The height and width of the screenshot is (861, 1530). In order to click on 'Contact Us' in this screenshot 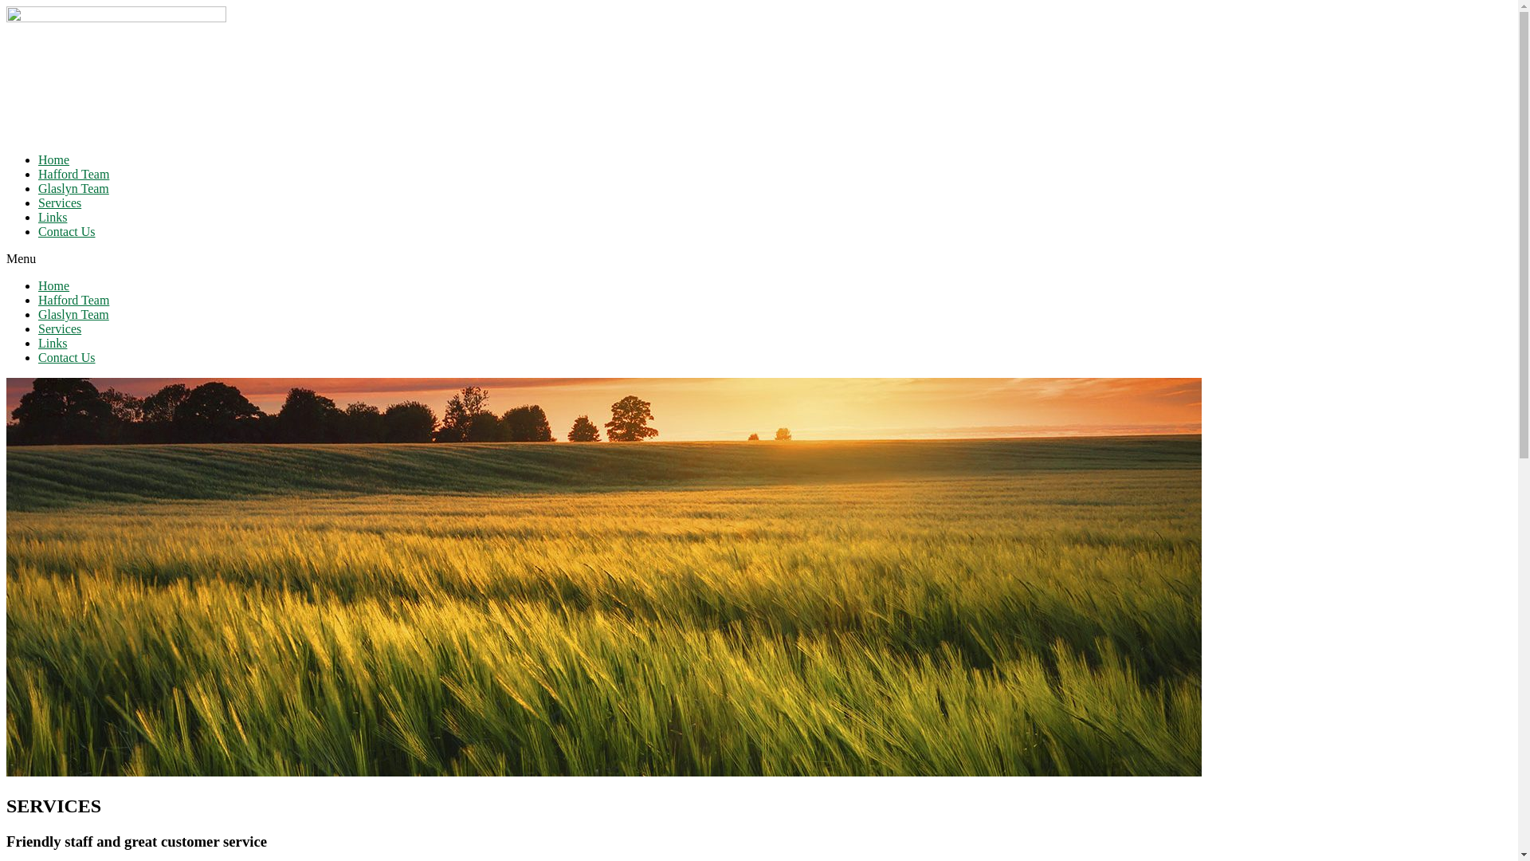, I will do `click(65, 356)`.